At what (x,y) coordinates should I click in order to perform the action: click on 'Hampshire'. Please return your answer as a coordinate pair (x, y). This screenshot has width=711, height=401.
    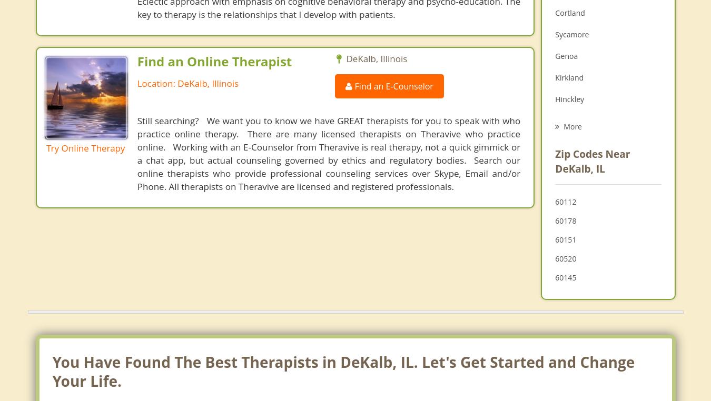
    Looking at the image, I should click on (574, 163).